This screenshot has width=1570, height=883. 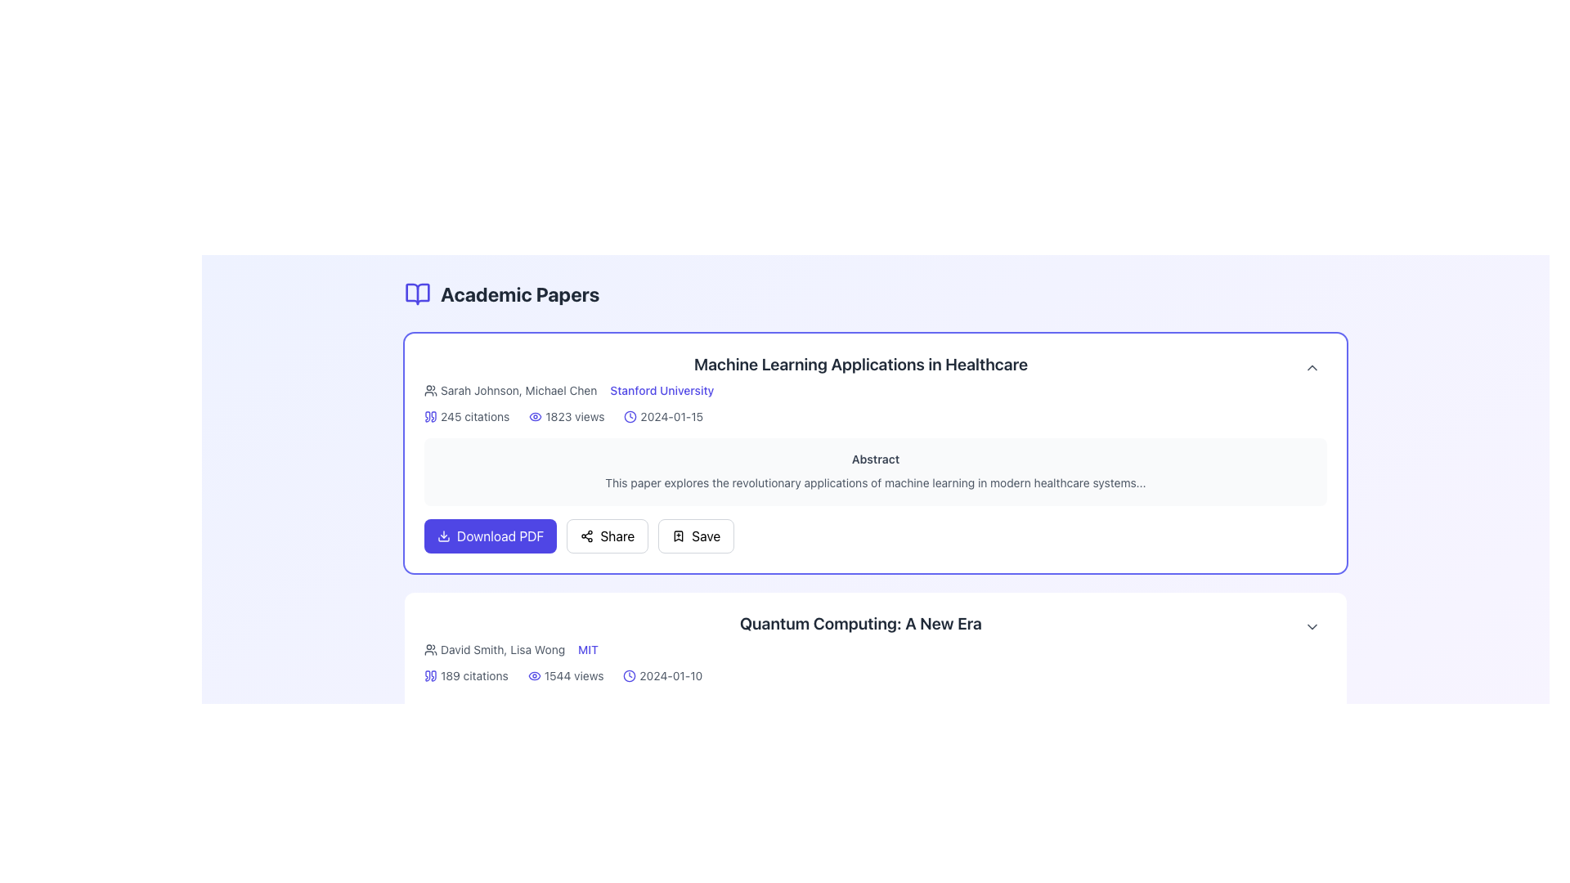 What do you see at coordinates (431, 415) in the screenshot?
I see `the SVG Icon representing citations, which indicates '245 citations' for the first academic paper listing` at bounding box center [431, 415].